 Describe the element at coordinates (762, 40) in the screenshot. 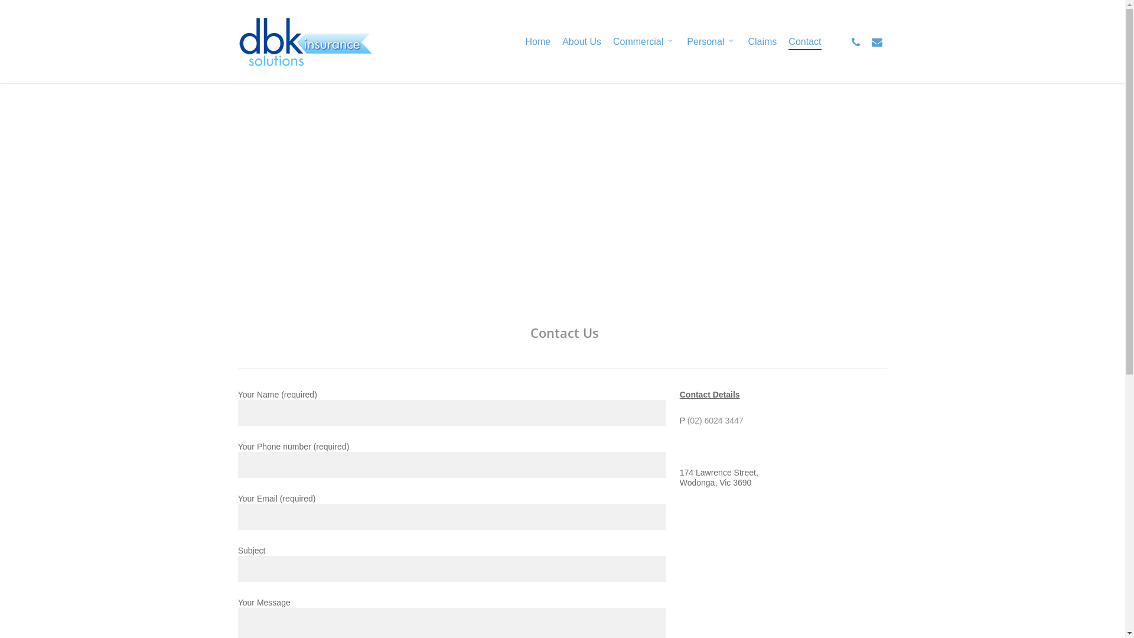

I see `'Claims'` at that location.